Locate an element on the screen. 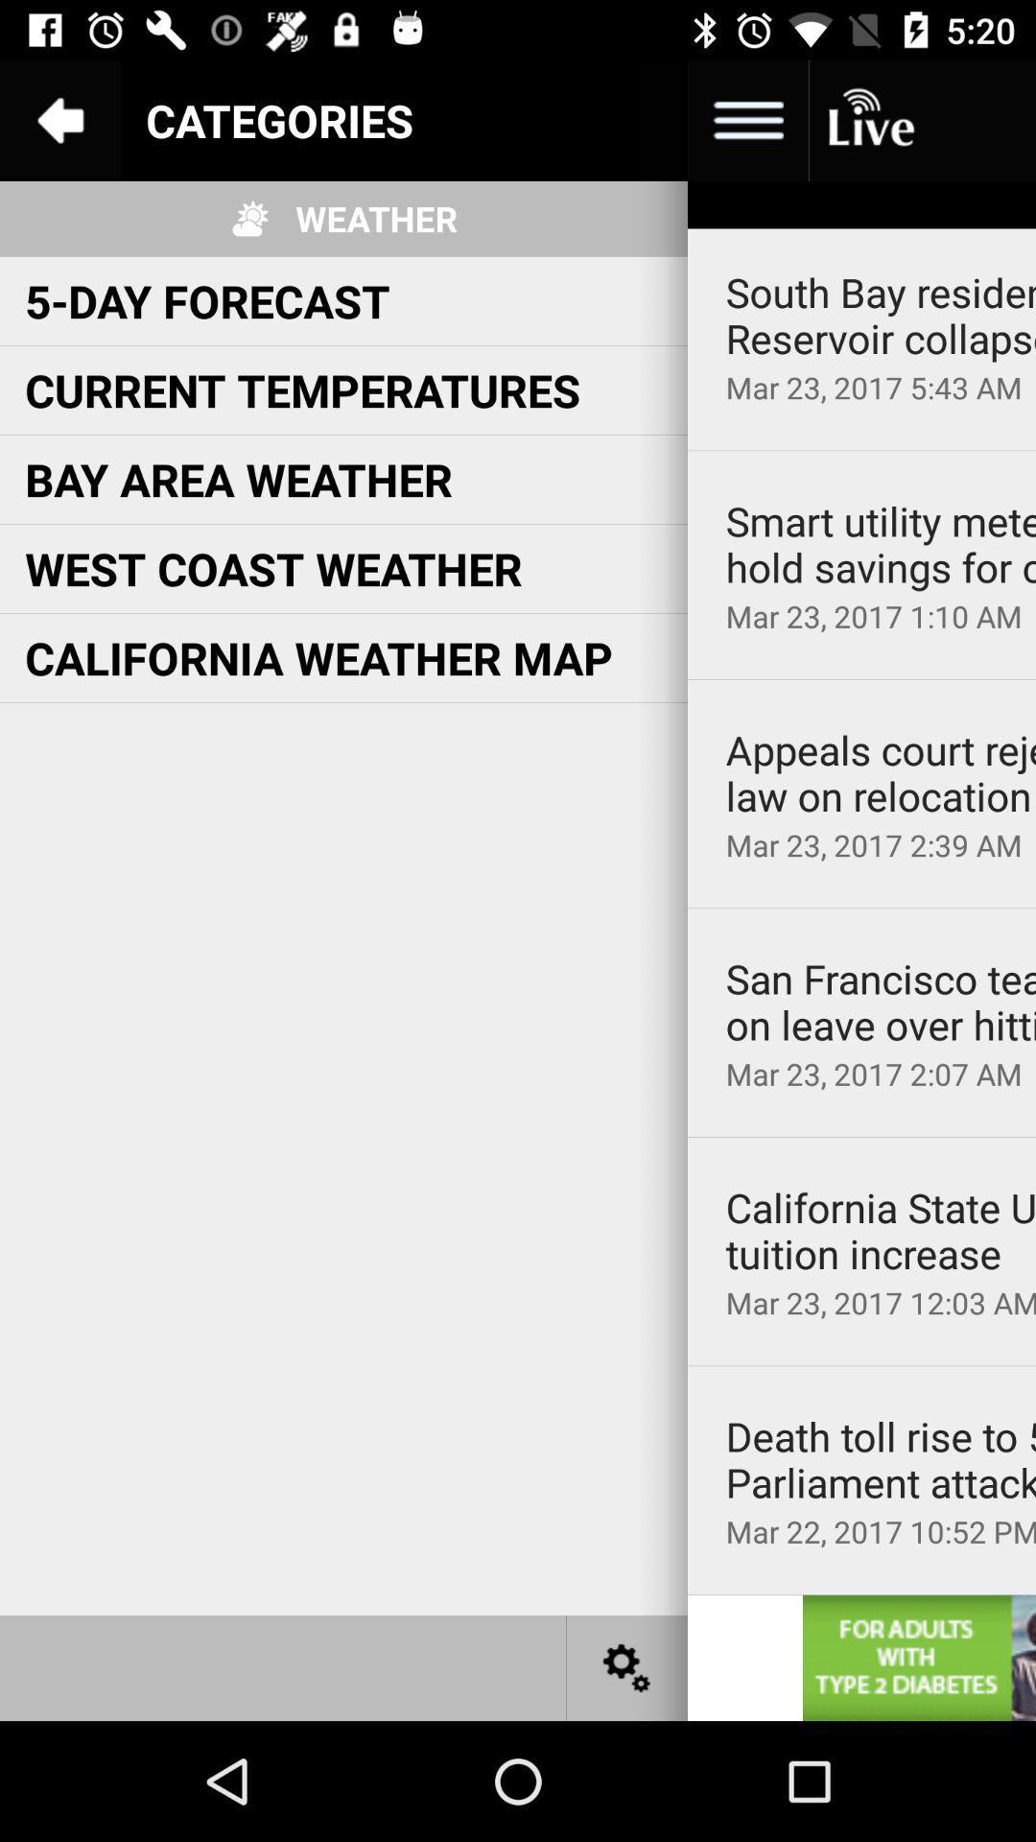 This screenshot has height=1842, width=1036. the settings icon is located at coordinates (627, 1666).